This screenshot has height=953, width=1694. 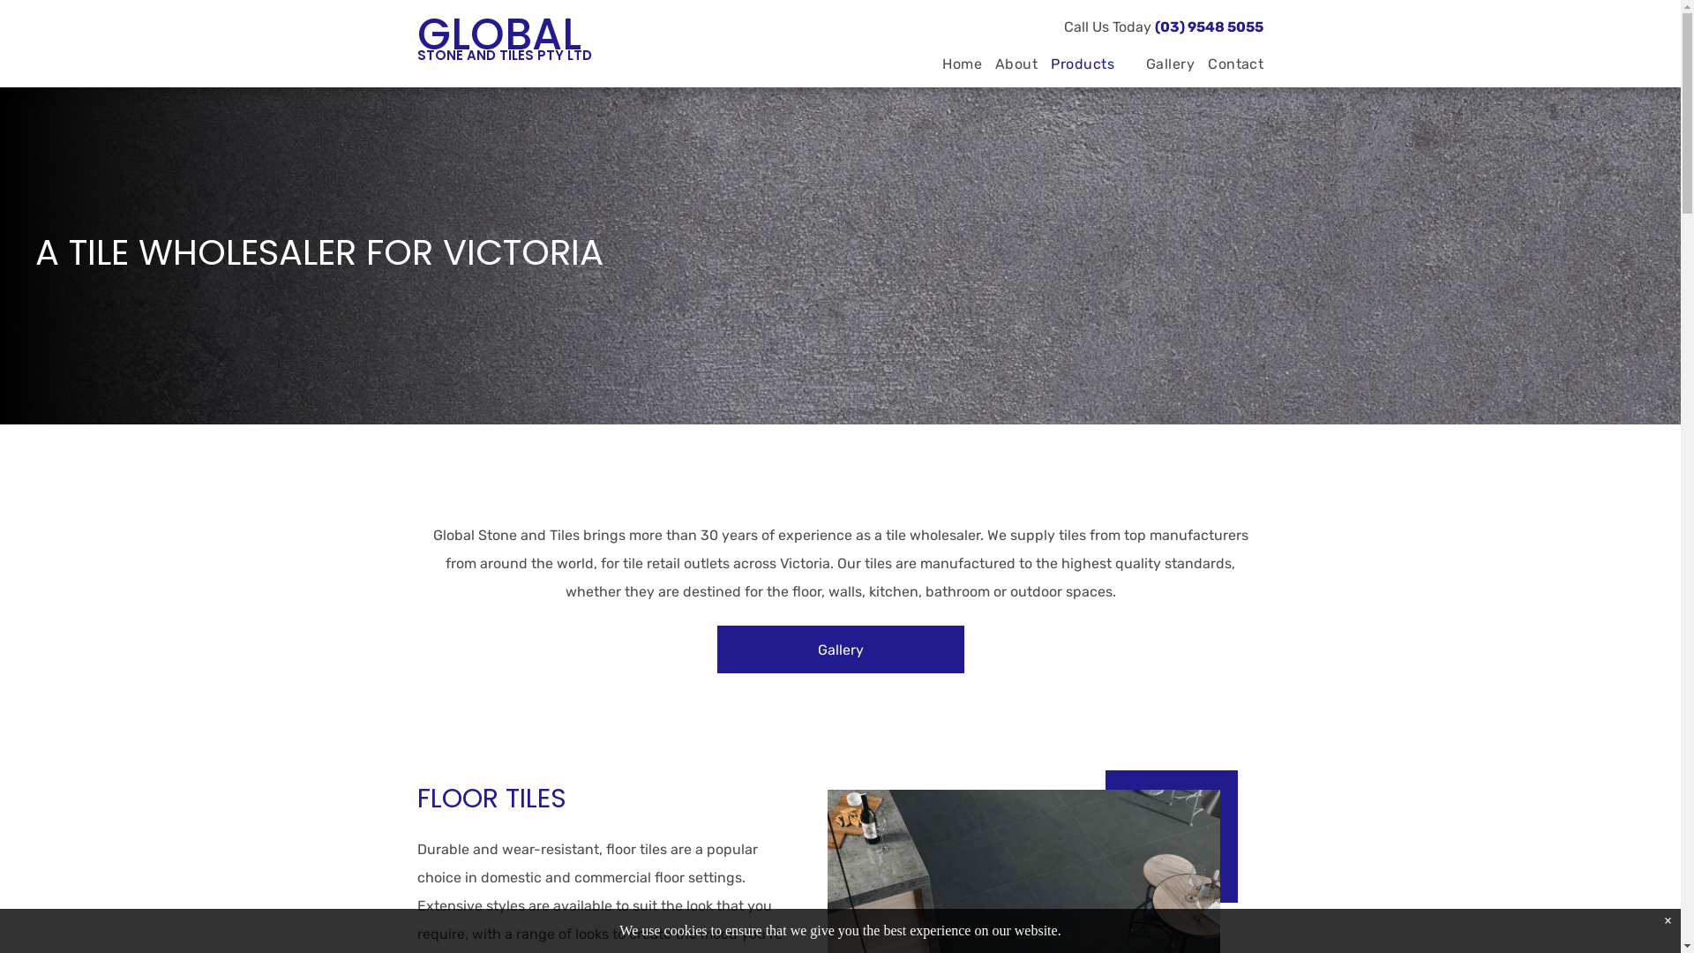 I want to click on 'Gallery', so click(x=1164, y=64).